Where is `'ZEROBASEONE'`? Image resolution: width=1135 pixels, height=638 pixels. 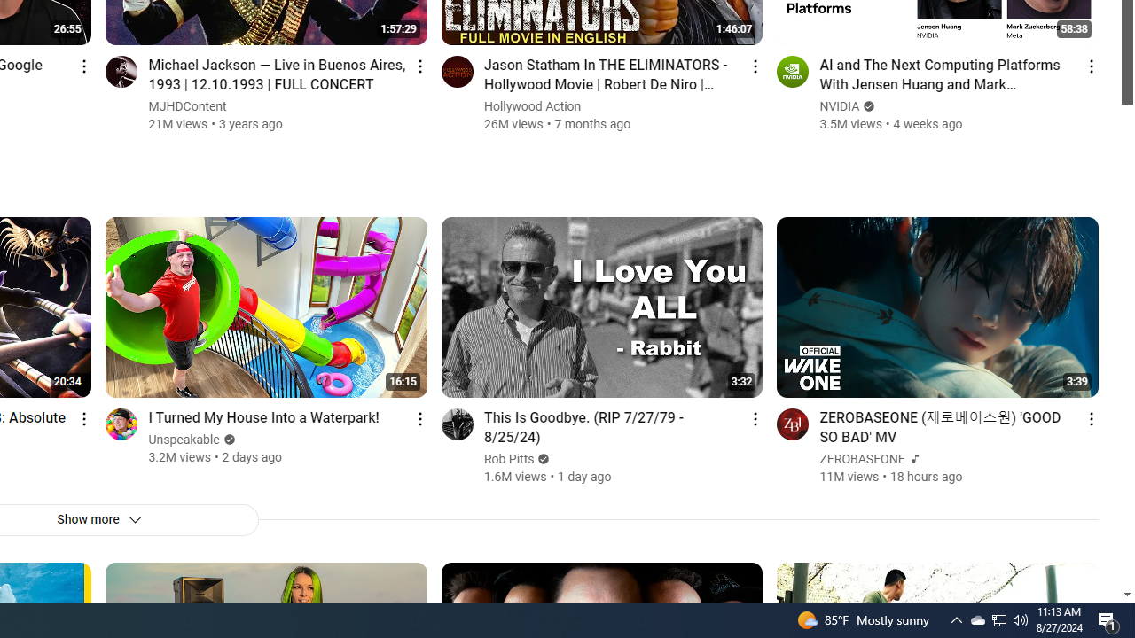
'ZEROBASEONE' is located at coordinates (863, 458).